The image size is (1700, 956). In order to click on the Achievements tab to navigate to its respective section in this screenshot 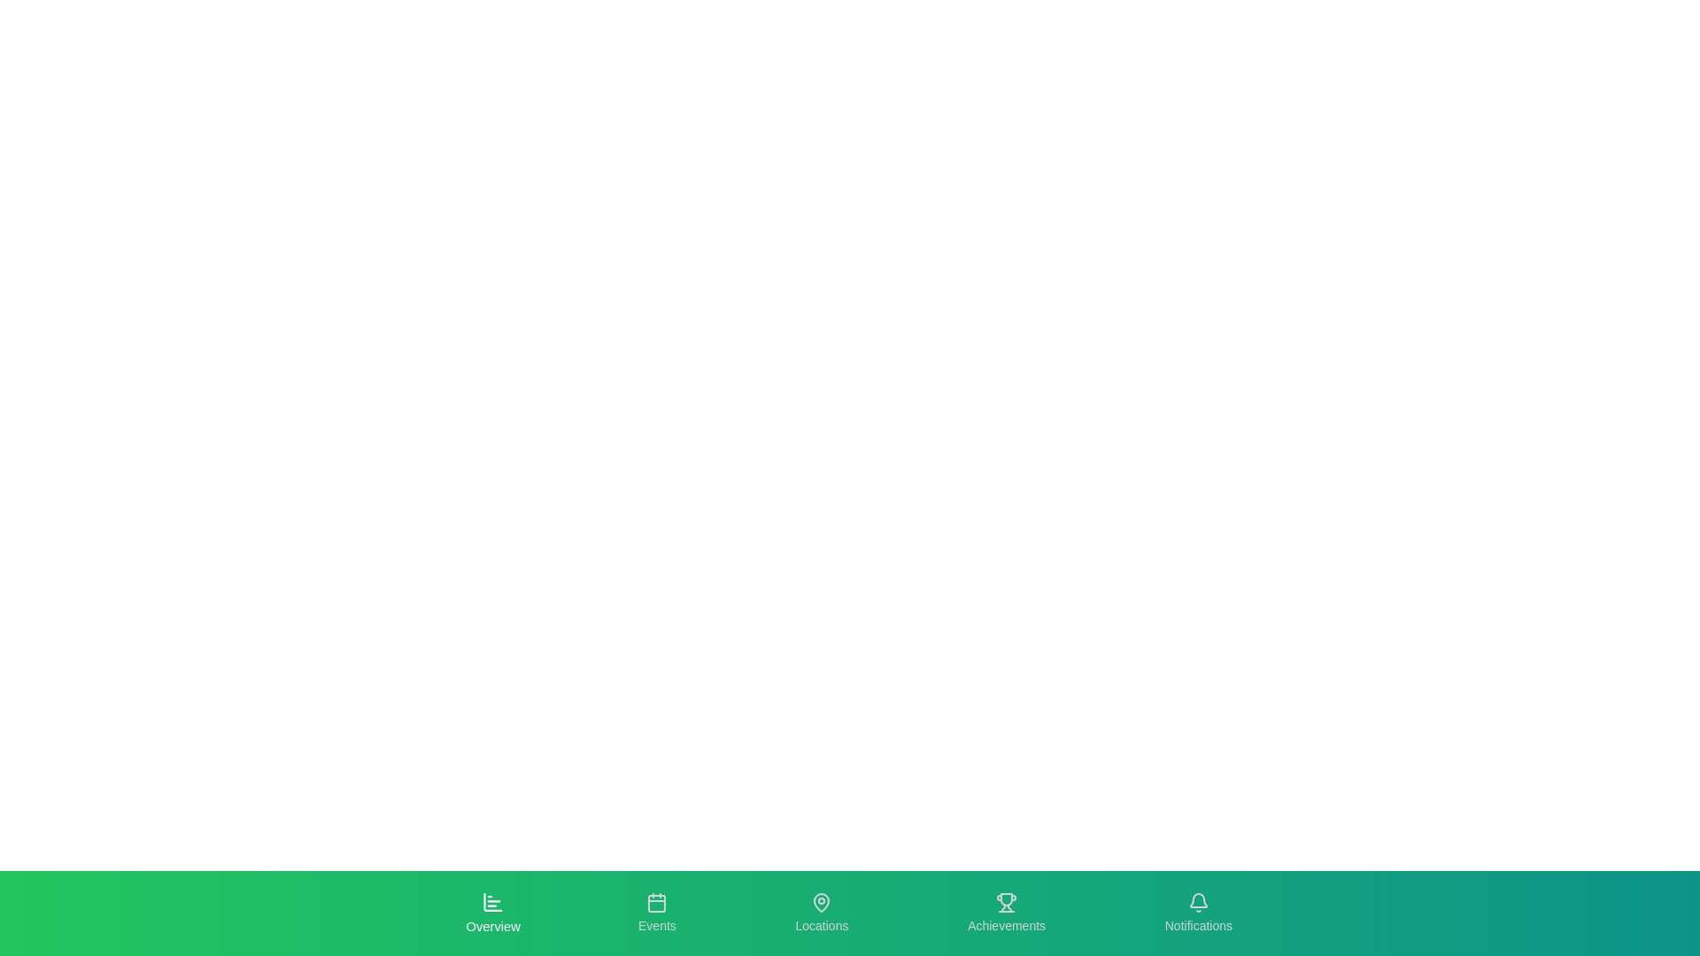, I will do `click(1007, 914)`.